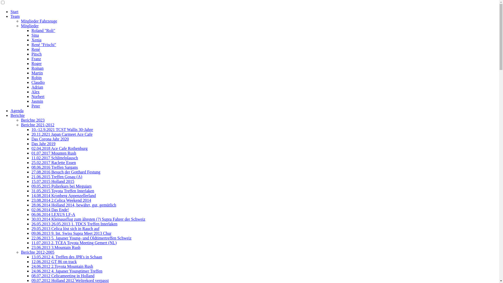 The width and height of the screenshot is (503, 283). I want to click on 'Robin', so click(31, 78).